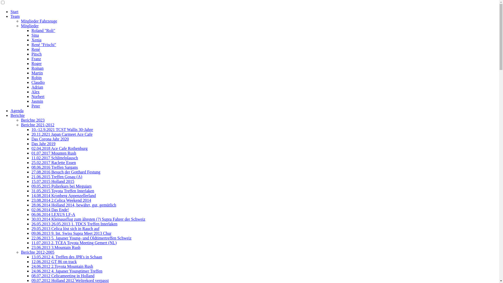 The width and height of the screenshot is (503, 283). I want to click on 'Robin', so click(31, 78).